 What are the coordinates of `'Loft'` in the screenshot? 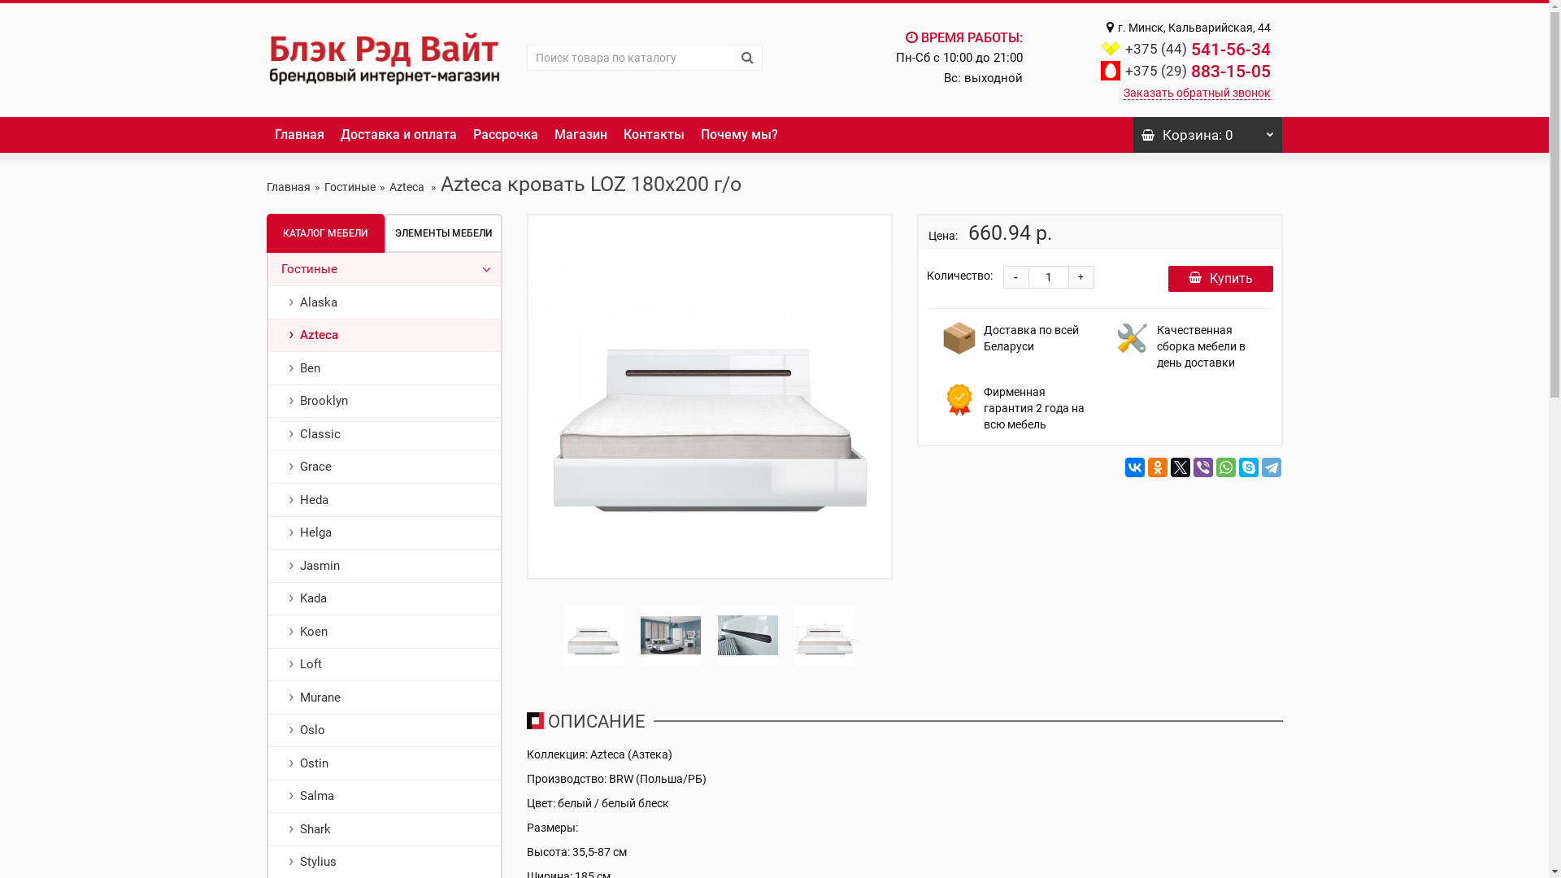 It's located at (268, 664).